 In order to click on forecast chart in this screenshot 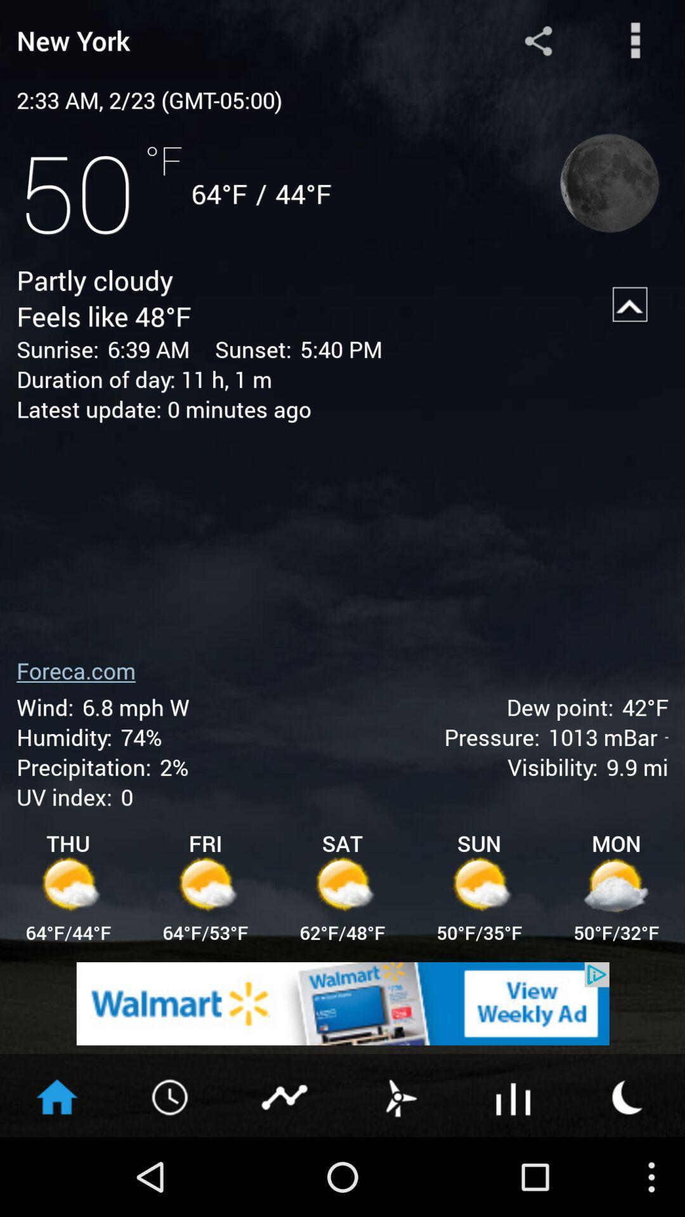, I will do `click(514, 1095)`.